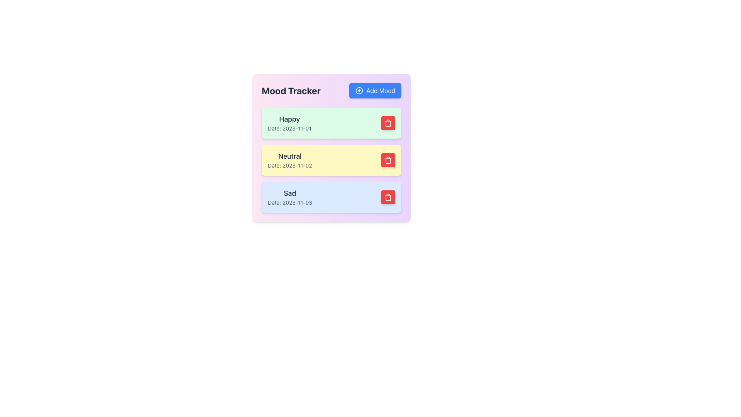  I want to click on the 'Mood Tracker' text label, which is a bold and large-sized header styled in dark color against a light background, so click(290, 90).